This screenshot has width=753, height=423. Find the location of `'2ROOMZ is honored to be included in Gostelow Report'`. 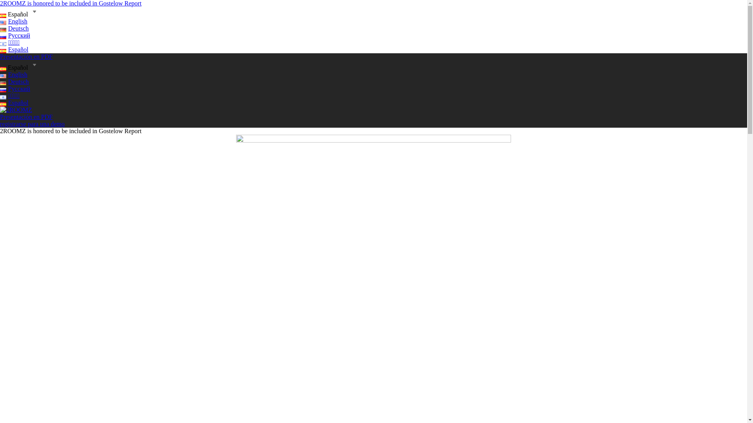

'2ROOMZ is honored to be included in Gostelow Report' is located at coordinates (71, 3).